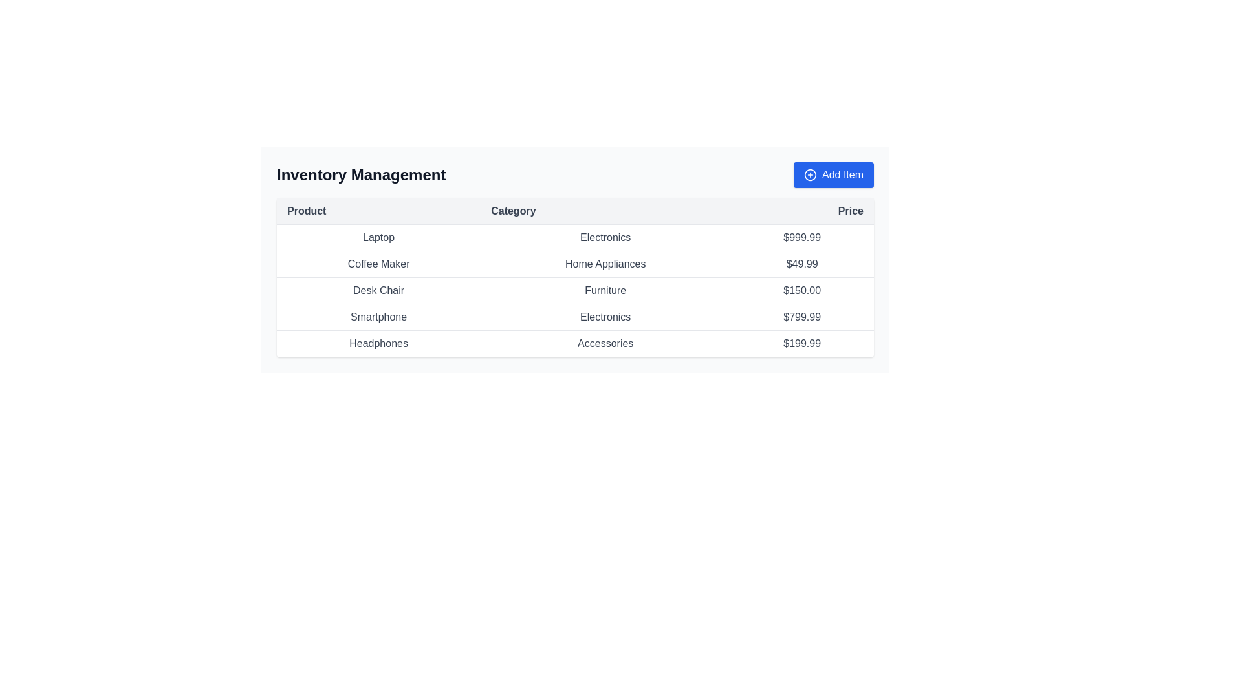  What do you see at coordinates (833, 174) in the screenshot?
I see `the 'Add New Item' button located at the top-right corner of the 'Inventory Management' section` at bounding box center [833, 174].